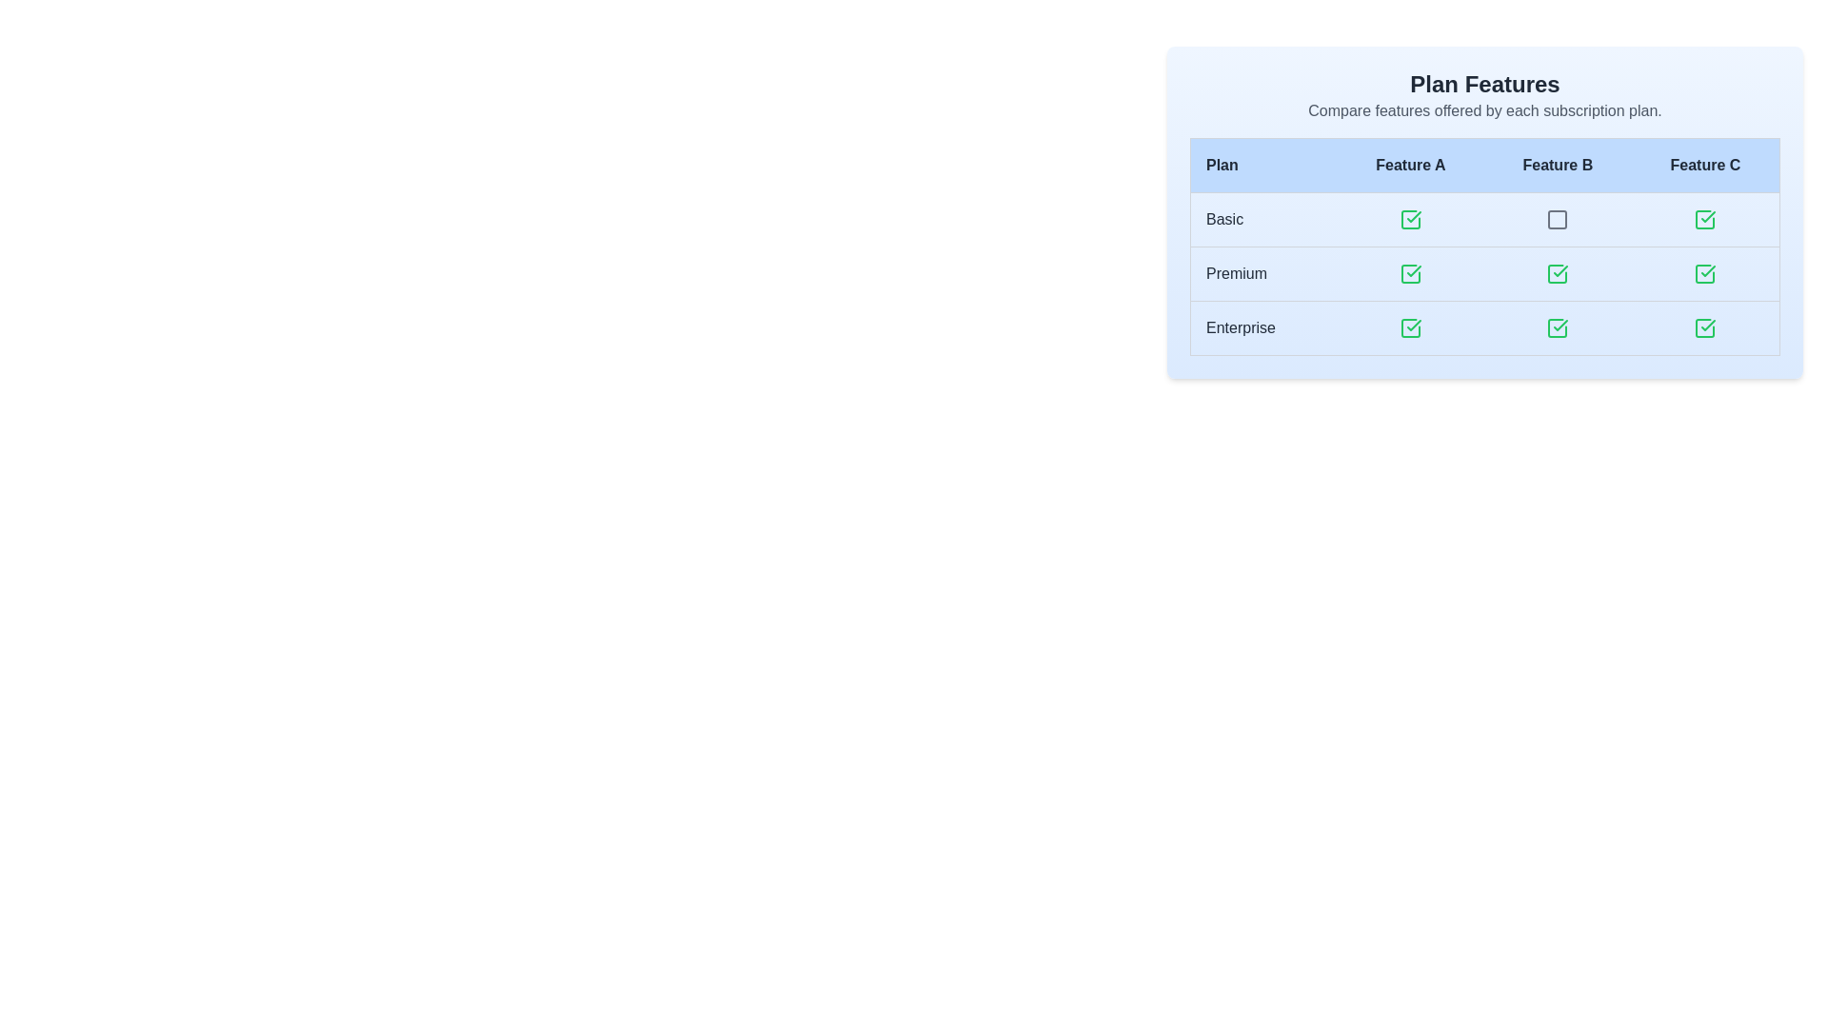 The height and width of the screenshot is (1028, 1828). I want to click on the graphic icon representing a checkbox or status indicator that signifies 'Feature A' is included in the 'Enterprise' plan, located in the third row of the features table, so click(1410, 326).